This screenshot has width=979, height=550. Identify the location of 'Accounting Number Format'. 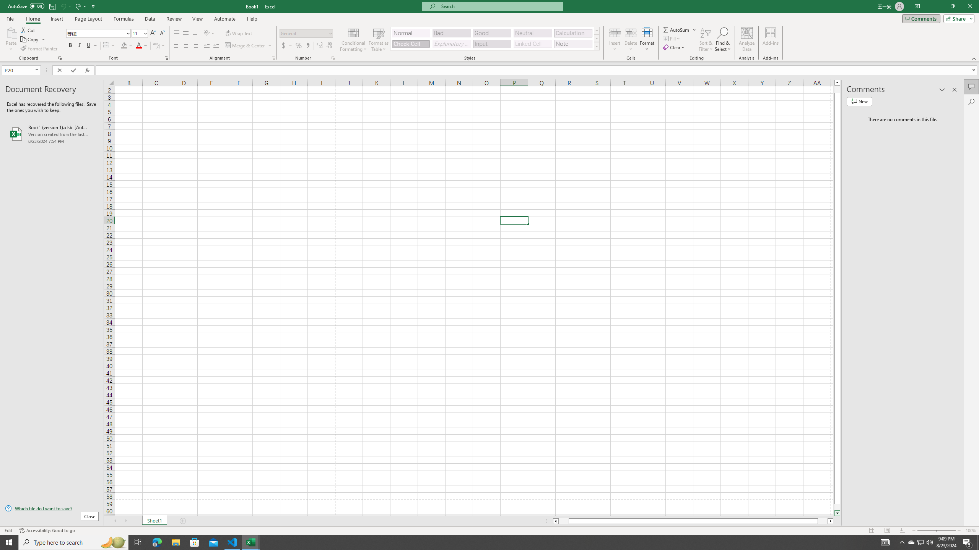
(287, 45).